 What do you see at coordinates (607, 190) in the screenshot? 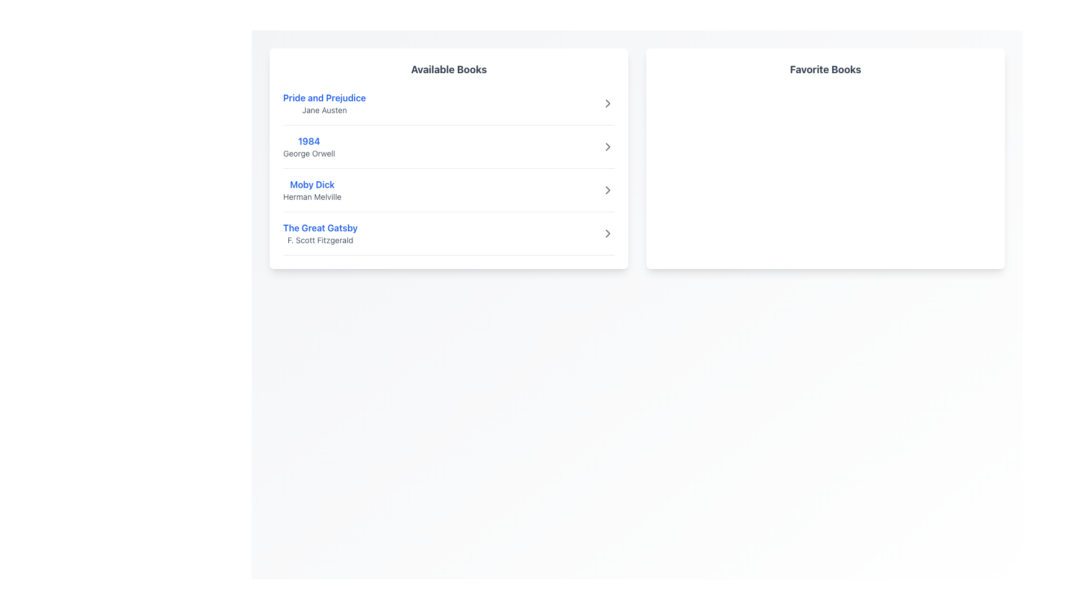
I see `the chevron icon button located to the far right of the 'Moby Dick' entry row, adjacent to the text 'Herman Melville'` at bounding box center [607, 190].